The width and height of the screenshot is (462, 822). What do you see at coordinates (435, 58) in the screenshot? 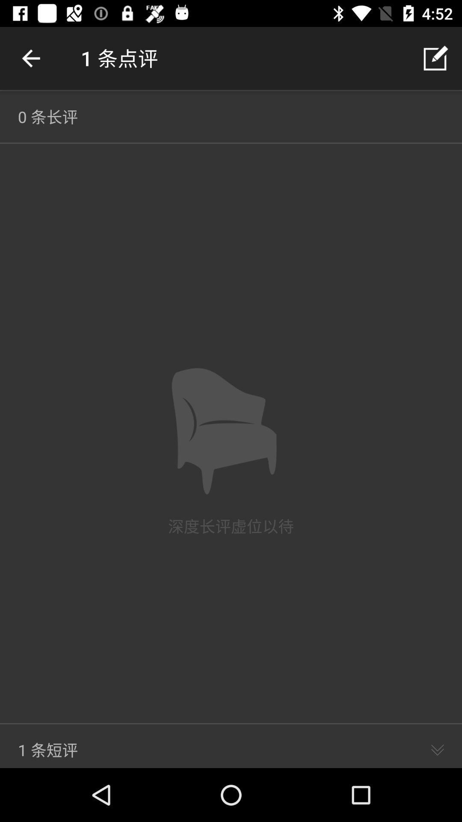
I see `the item at the top right corner` at bounding box center [435, 58].